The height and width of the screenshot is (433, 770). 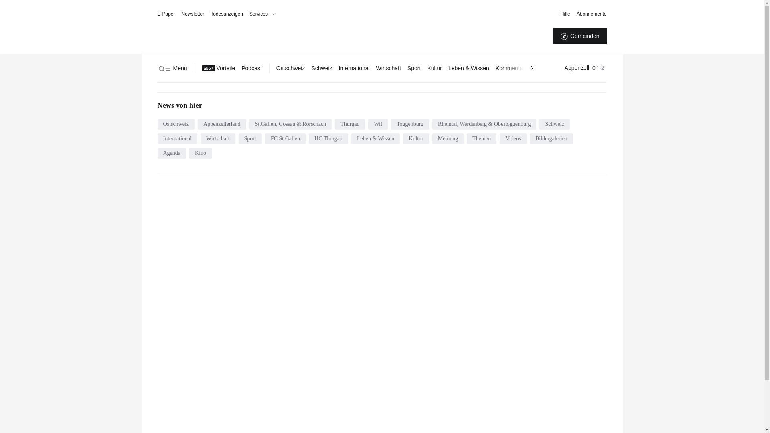 What do you see at coordinates (193, 14) in the screenshot?
I see `'Newsletter'` at bounding box center [193, 14].